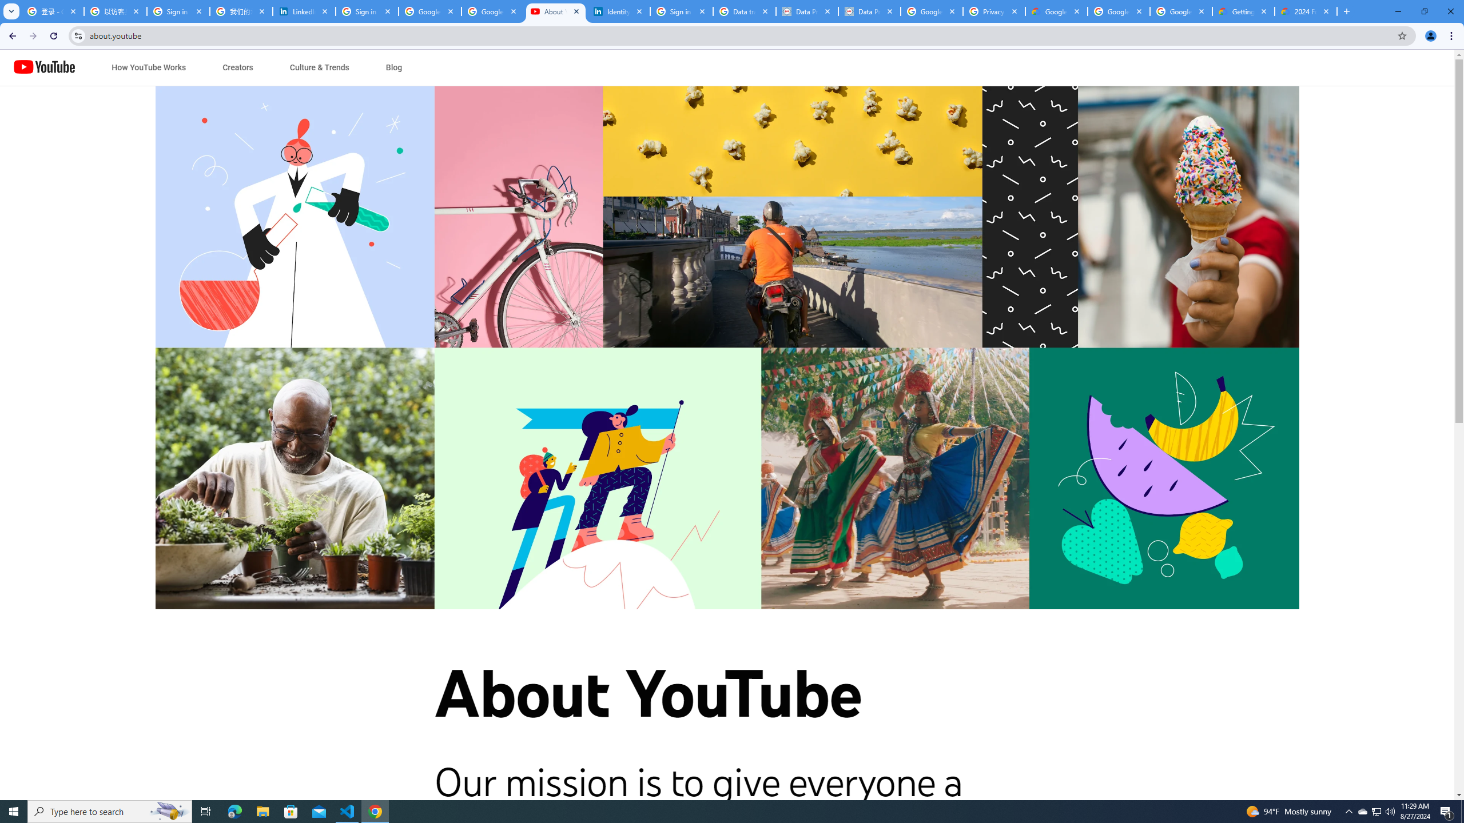 The image size is (1464, 823). I want to click on 'Google Cloud Terms Directory | Google Cloud', so click(1056, 11).